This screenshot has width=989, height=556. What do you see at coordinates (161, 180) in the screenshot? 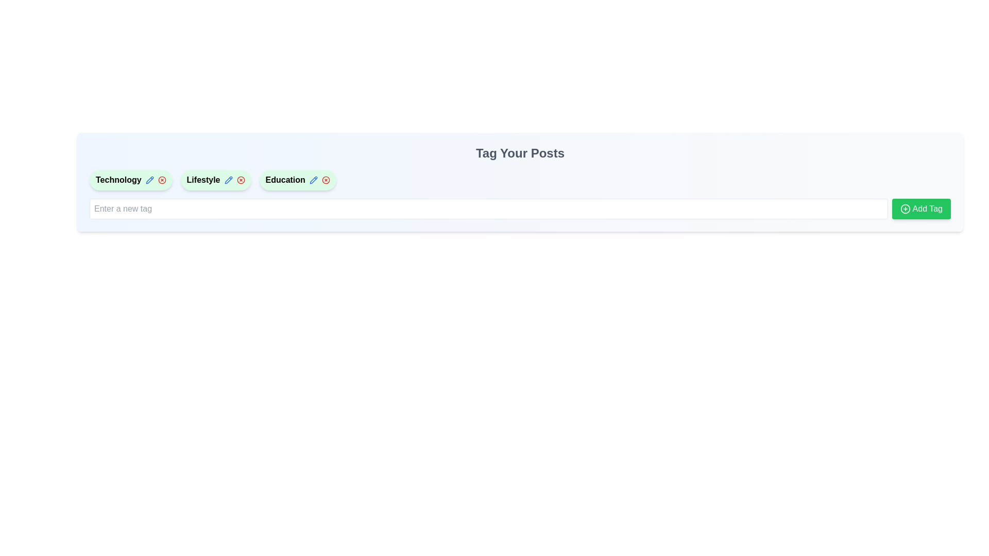
I see `the delete Icon button located on the right side of the 'Technology' tag` at bounding box center [161, 180].